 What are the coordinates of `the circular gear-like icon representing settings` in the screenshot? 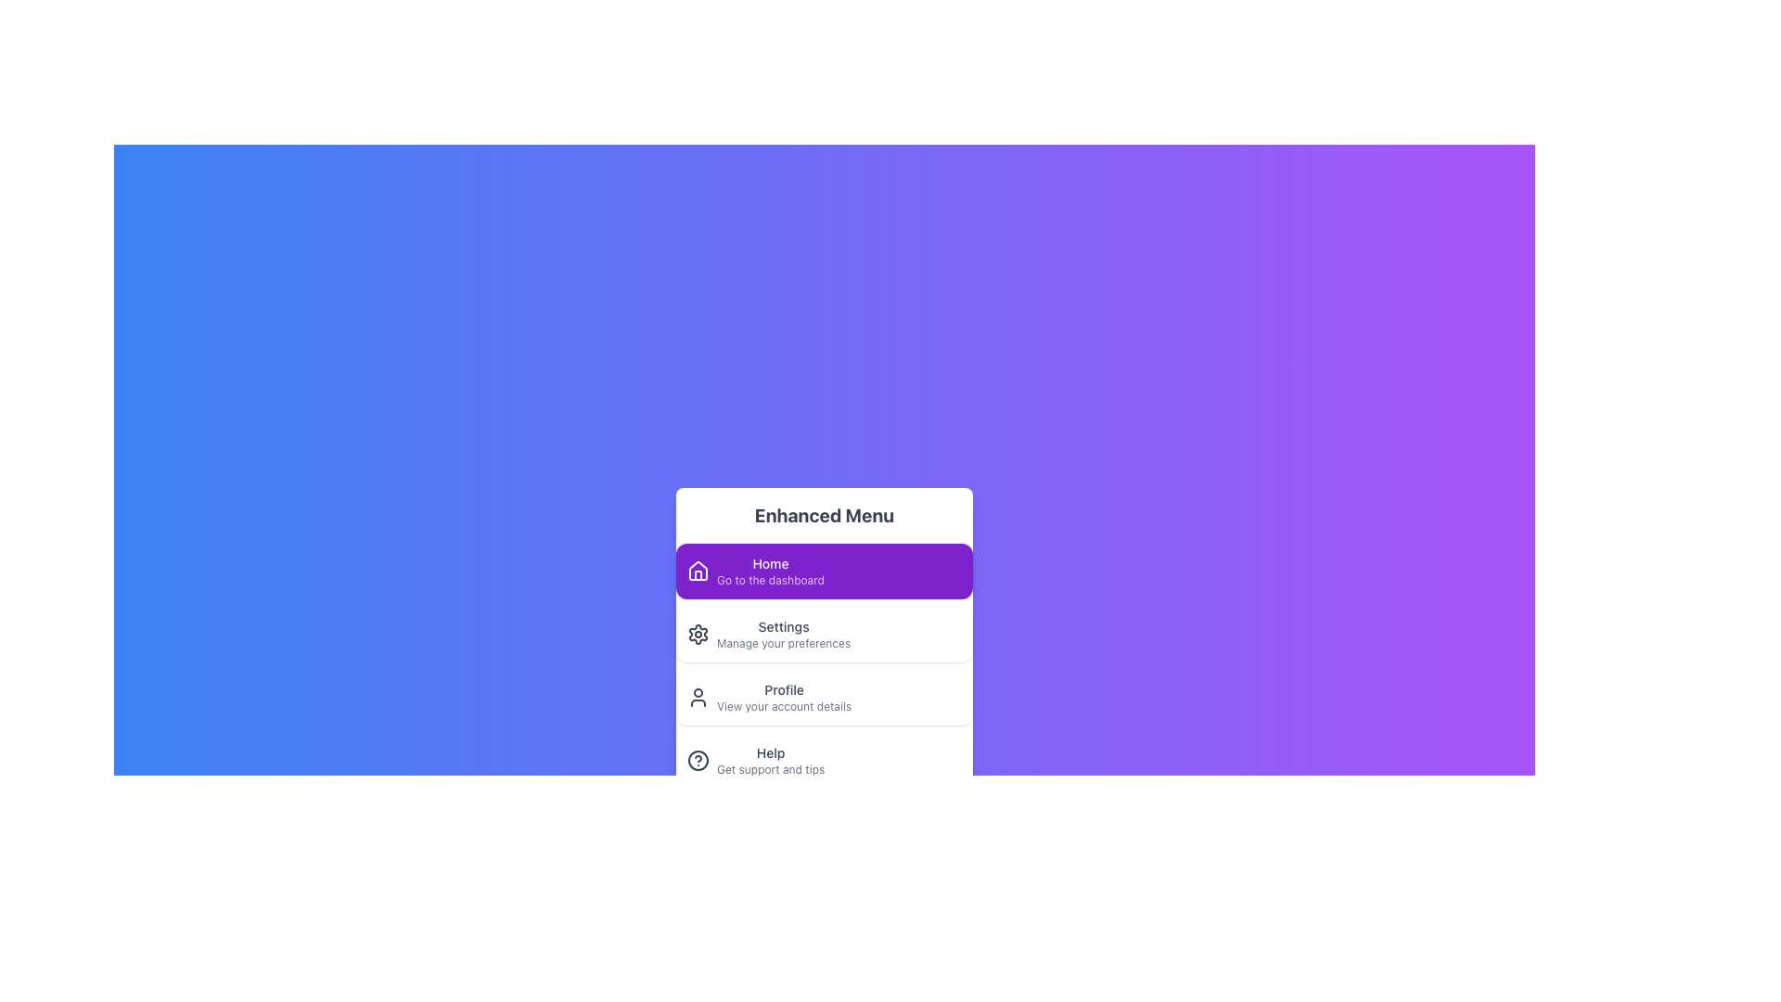 It's located at (698, 633).